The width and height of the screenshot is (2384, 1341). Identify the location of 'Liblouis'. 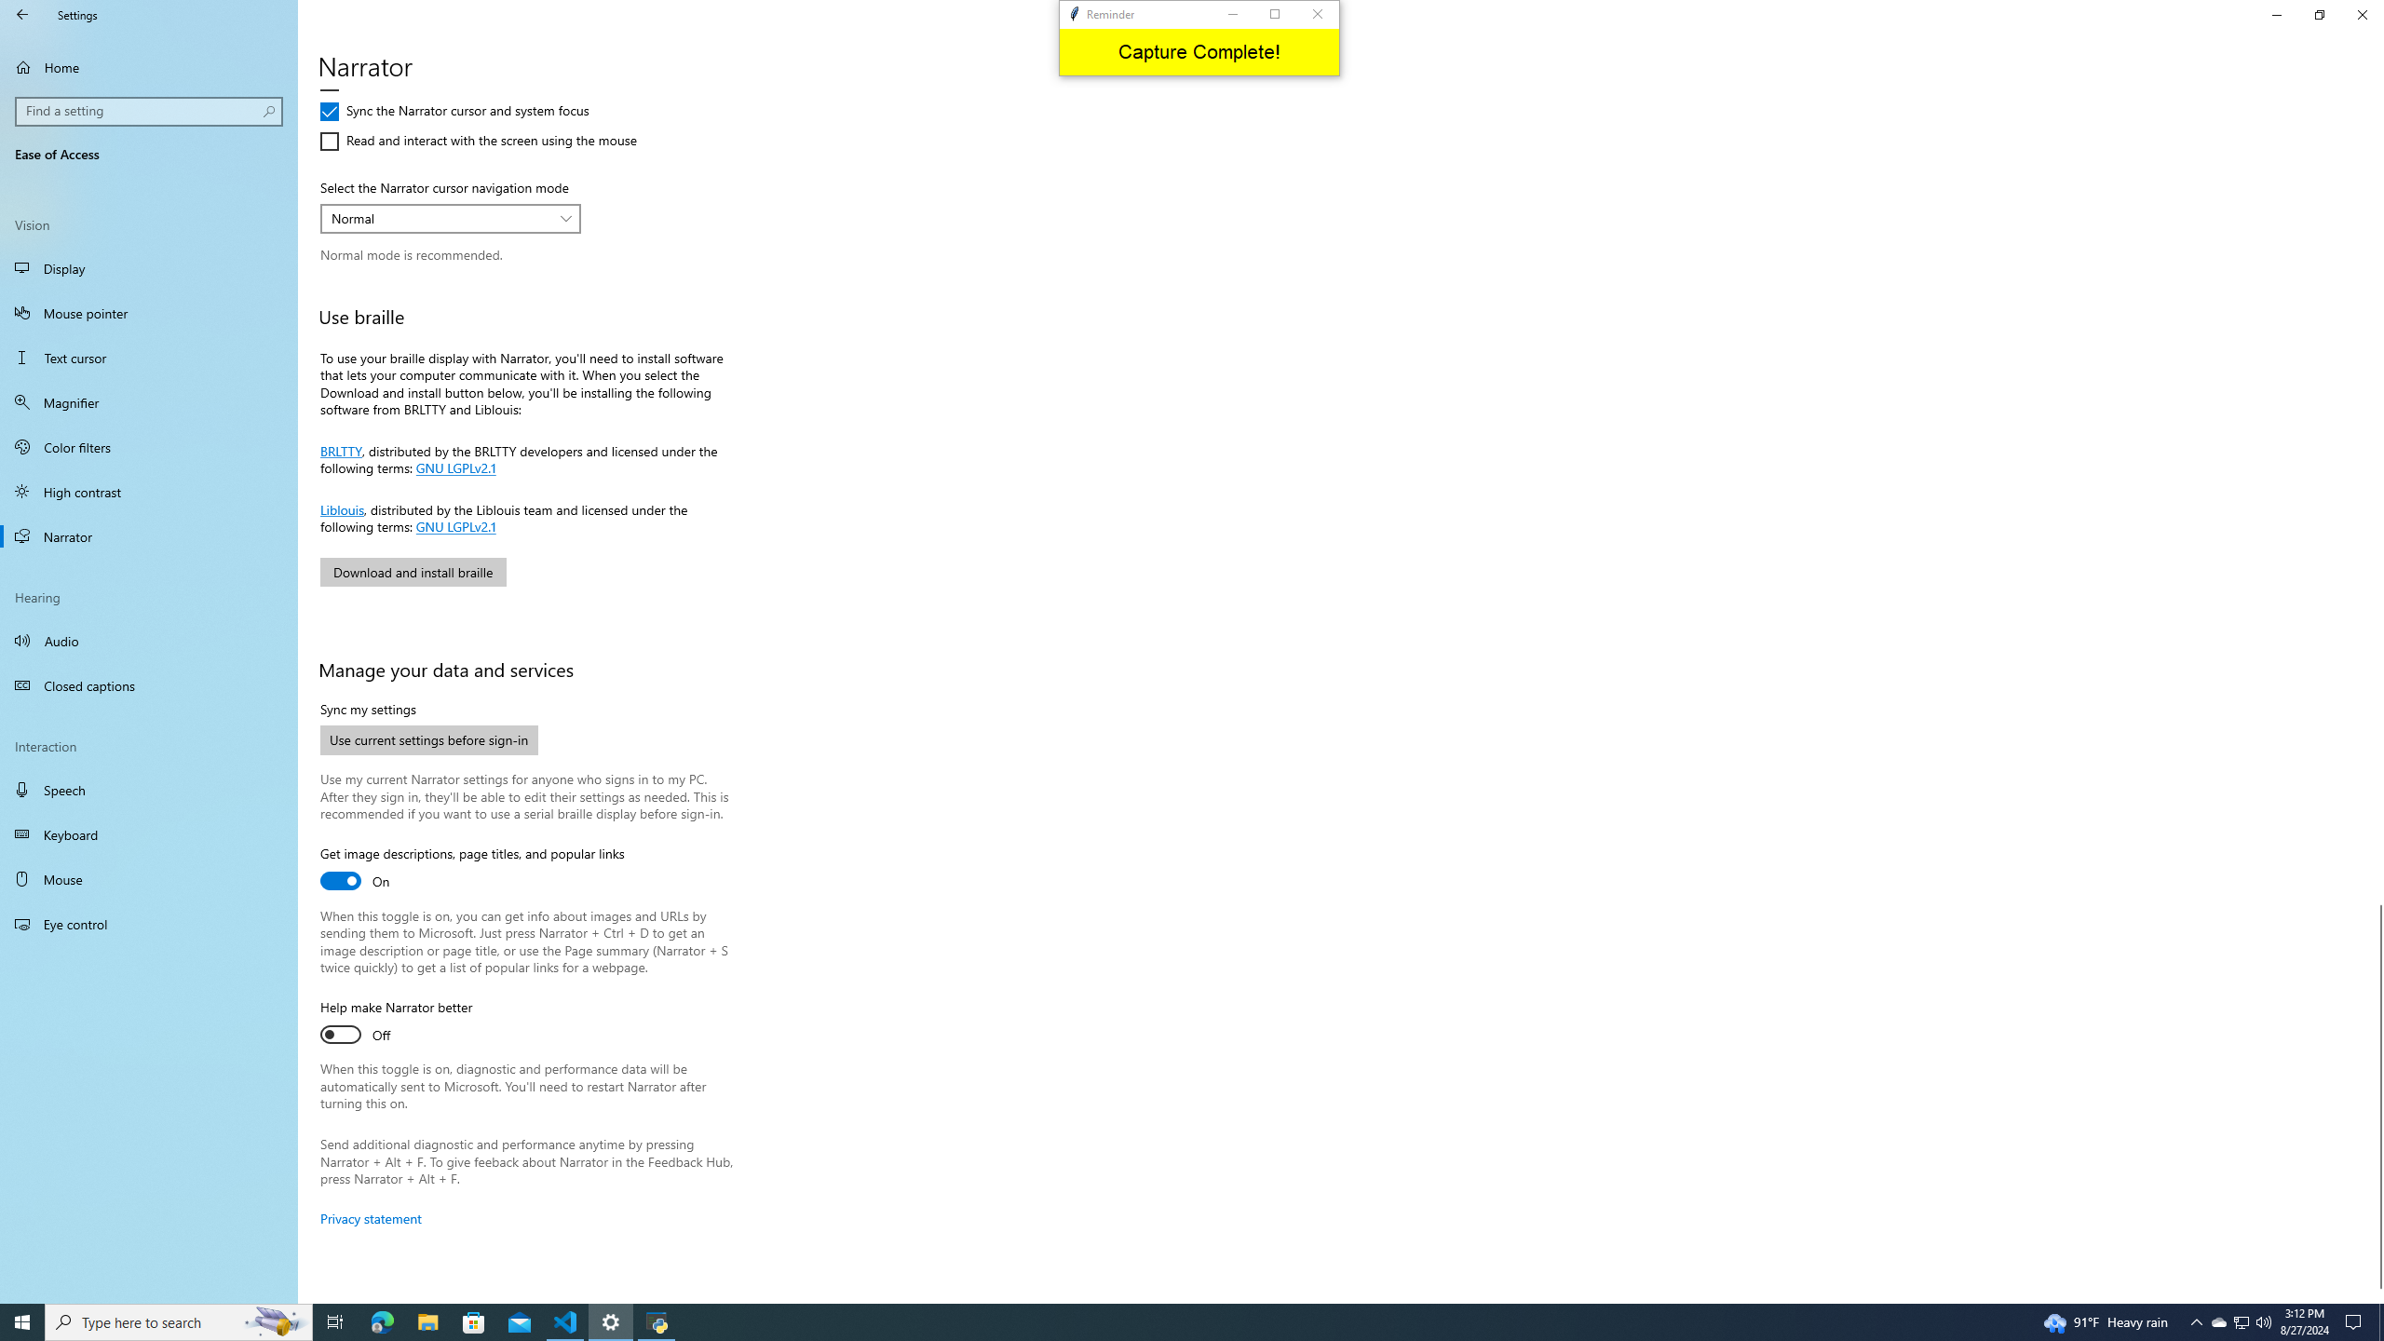
(341, 507).